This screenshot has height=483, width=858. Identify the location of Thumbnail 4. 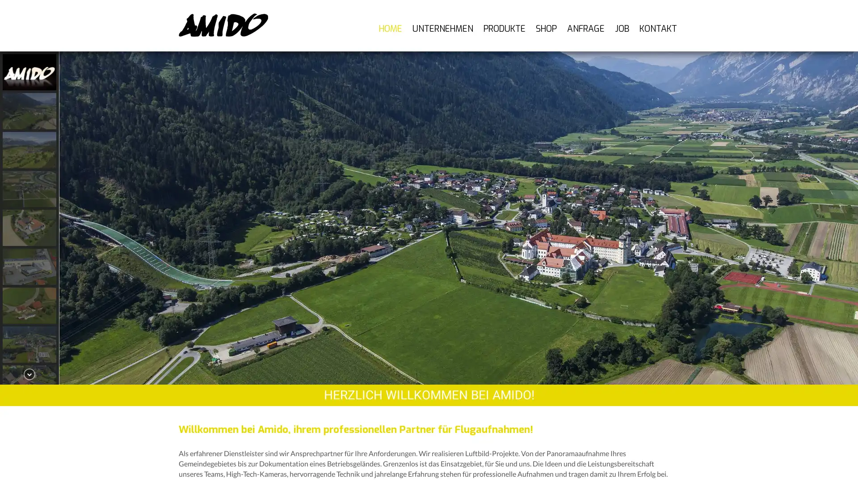
(29, 227).